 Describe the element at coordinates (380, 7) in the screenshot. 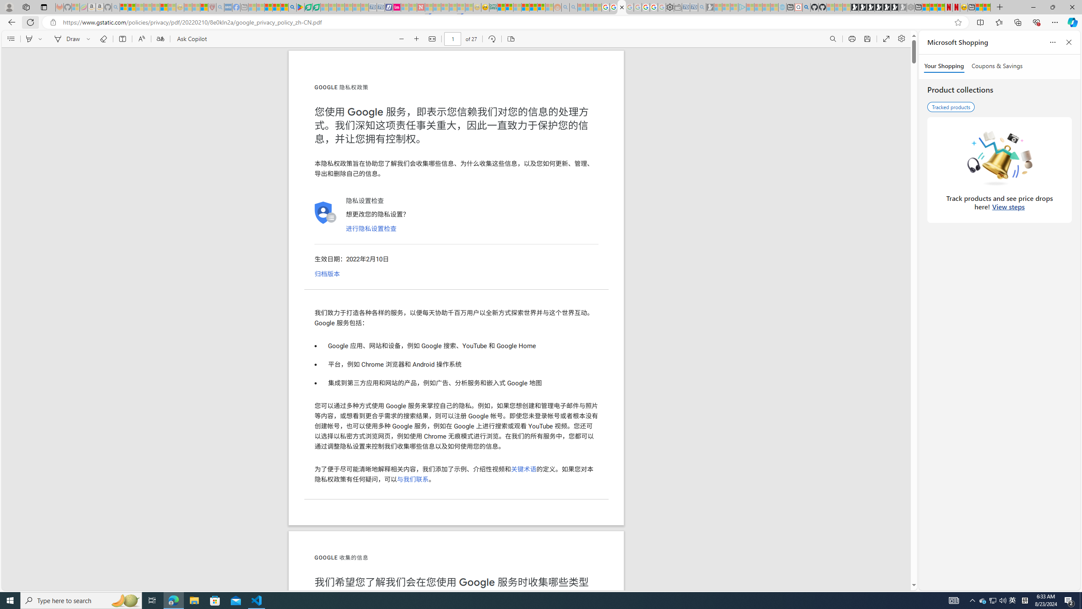

I see `'Cheap Hotels - Save70.com - Sleeping'` at that location.